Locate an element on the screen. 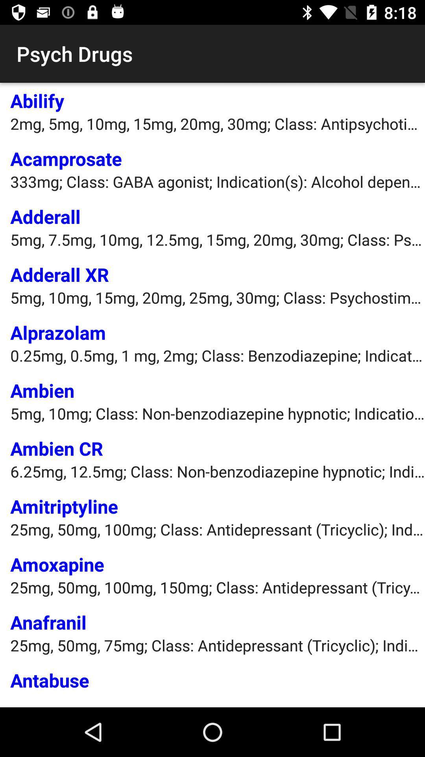 The height and width of the screenshot is (757, 425). app above the 25mg 50mg 100mg icon is located at coordinates (57, 564).